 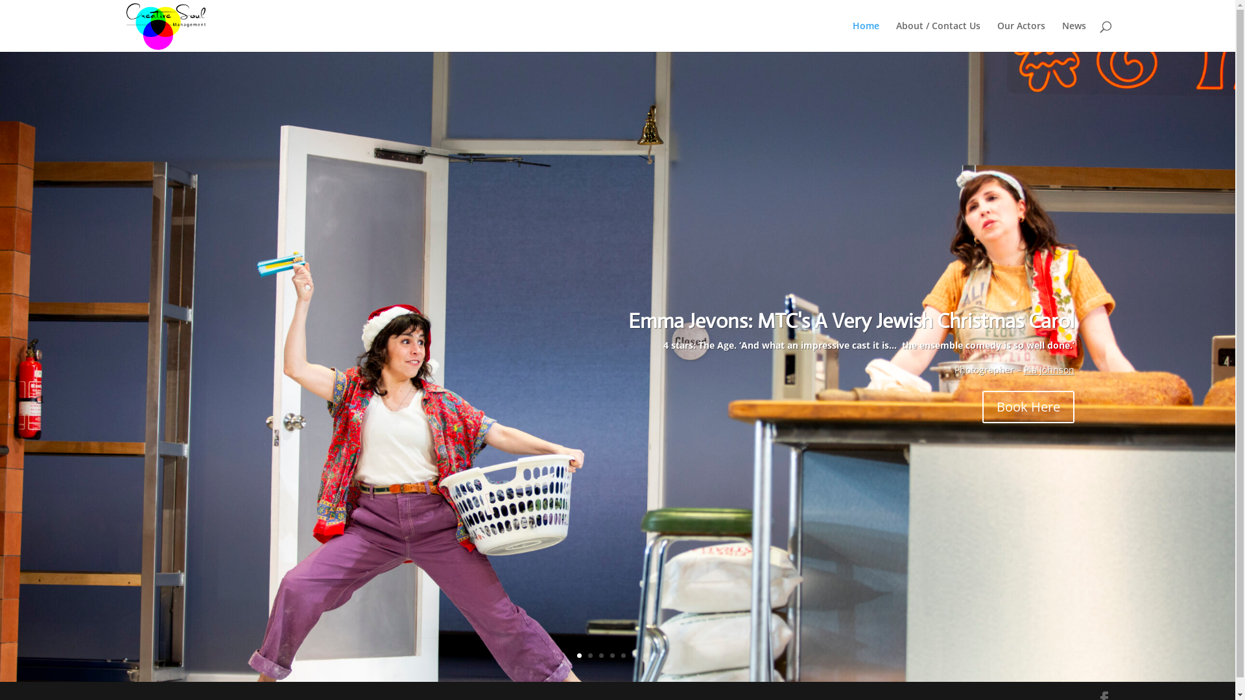 I want to click on '5', so click(x=623, y=655).